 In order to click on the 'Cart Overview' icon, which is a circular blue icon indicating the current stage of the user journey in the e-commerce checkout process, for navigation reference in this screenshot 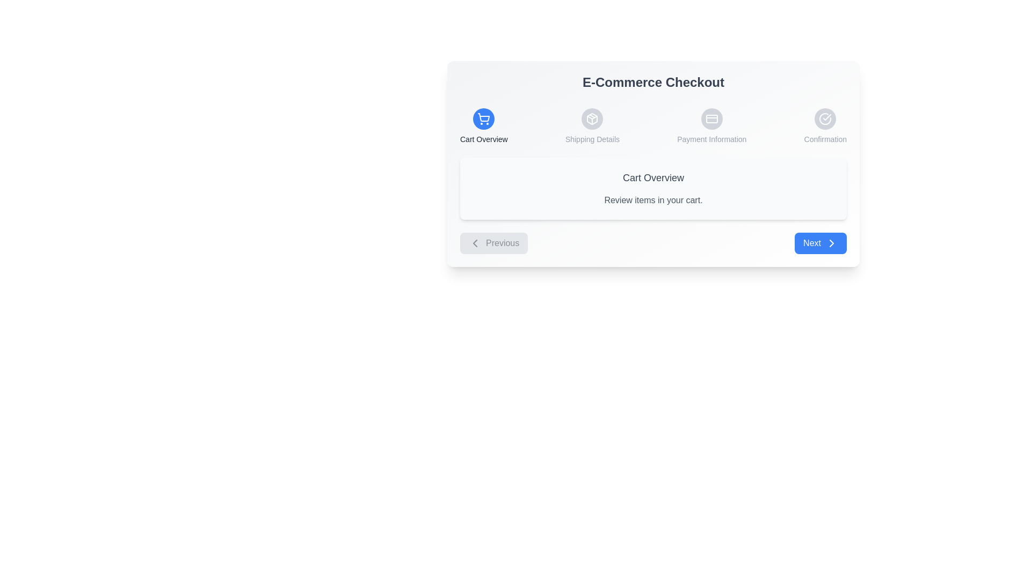, I will do `click(483, 119)`.